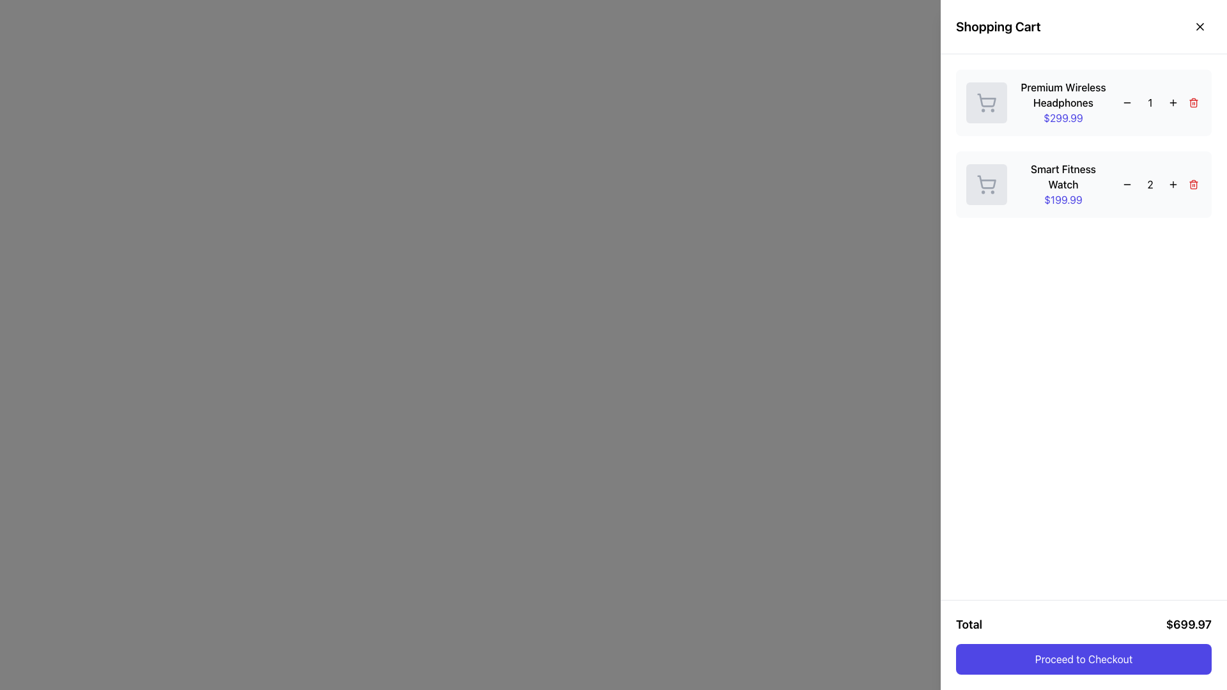 This screenshot has width=1227, height=690. I want to click on the static text displaying the price of the 'Smart Fitness Watch' located in the shopping cart interface, so click(1063, 199).